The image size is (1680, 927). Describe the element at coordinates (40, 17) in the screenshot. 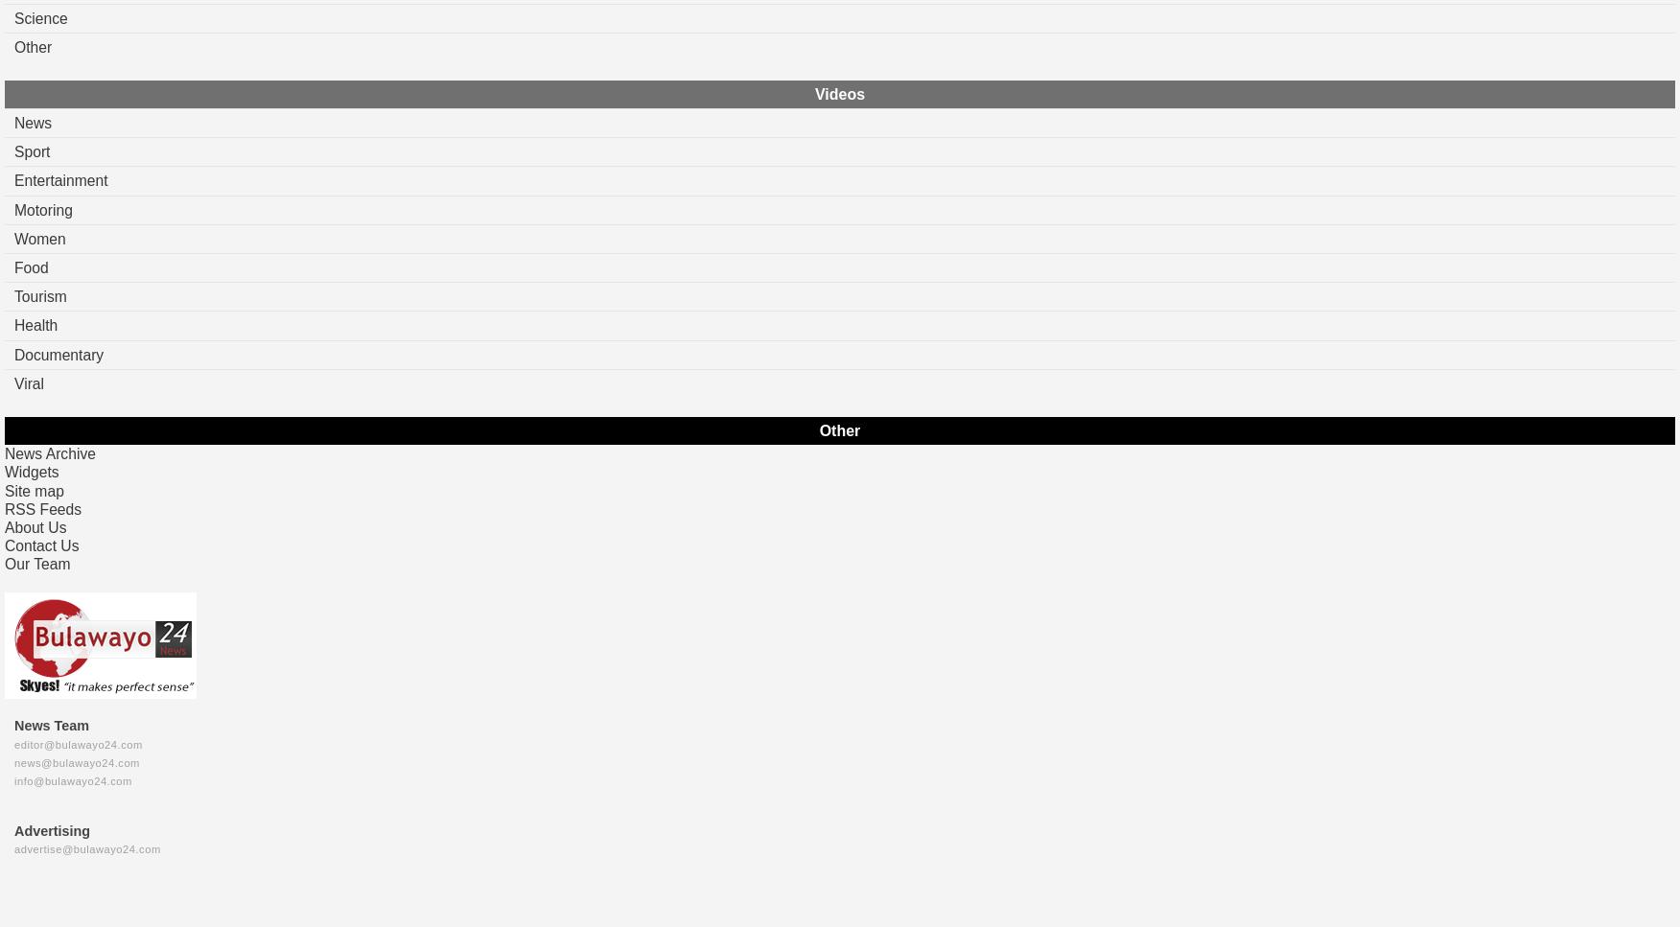

I see `'Science'` at that location.